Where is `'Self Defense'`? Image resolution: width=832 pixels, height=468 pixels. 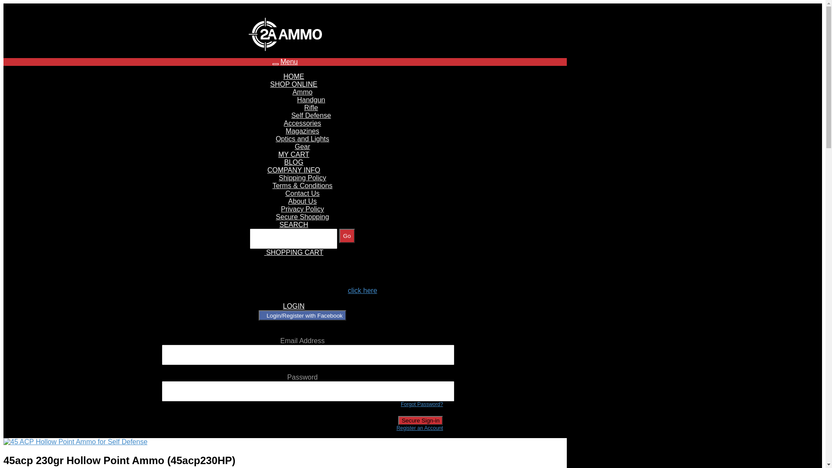 'Self Defense' is located at coordinates (311, 115).